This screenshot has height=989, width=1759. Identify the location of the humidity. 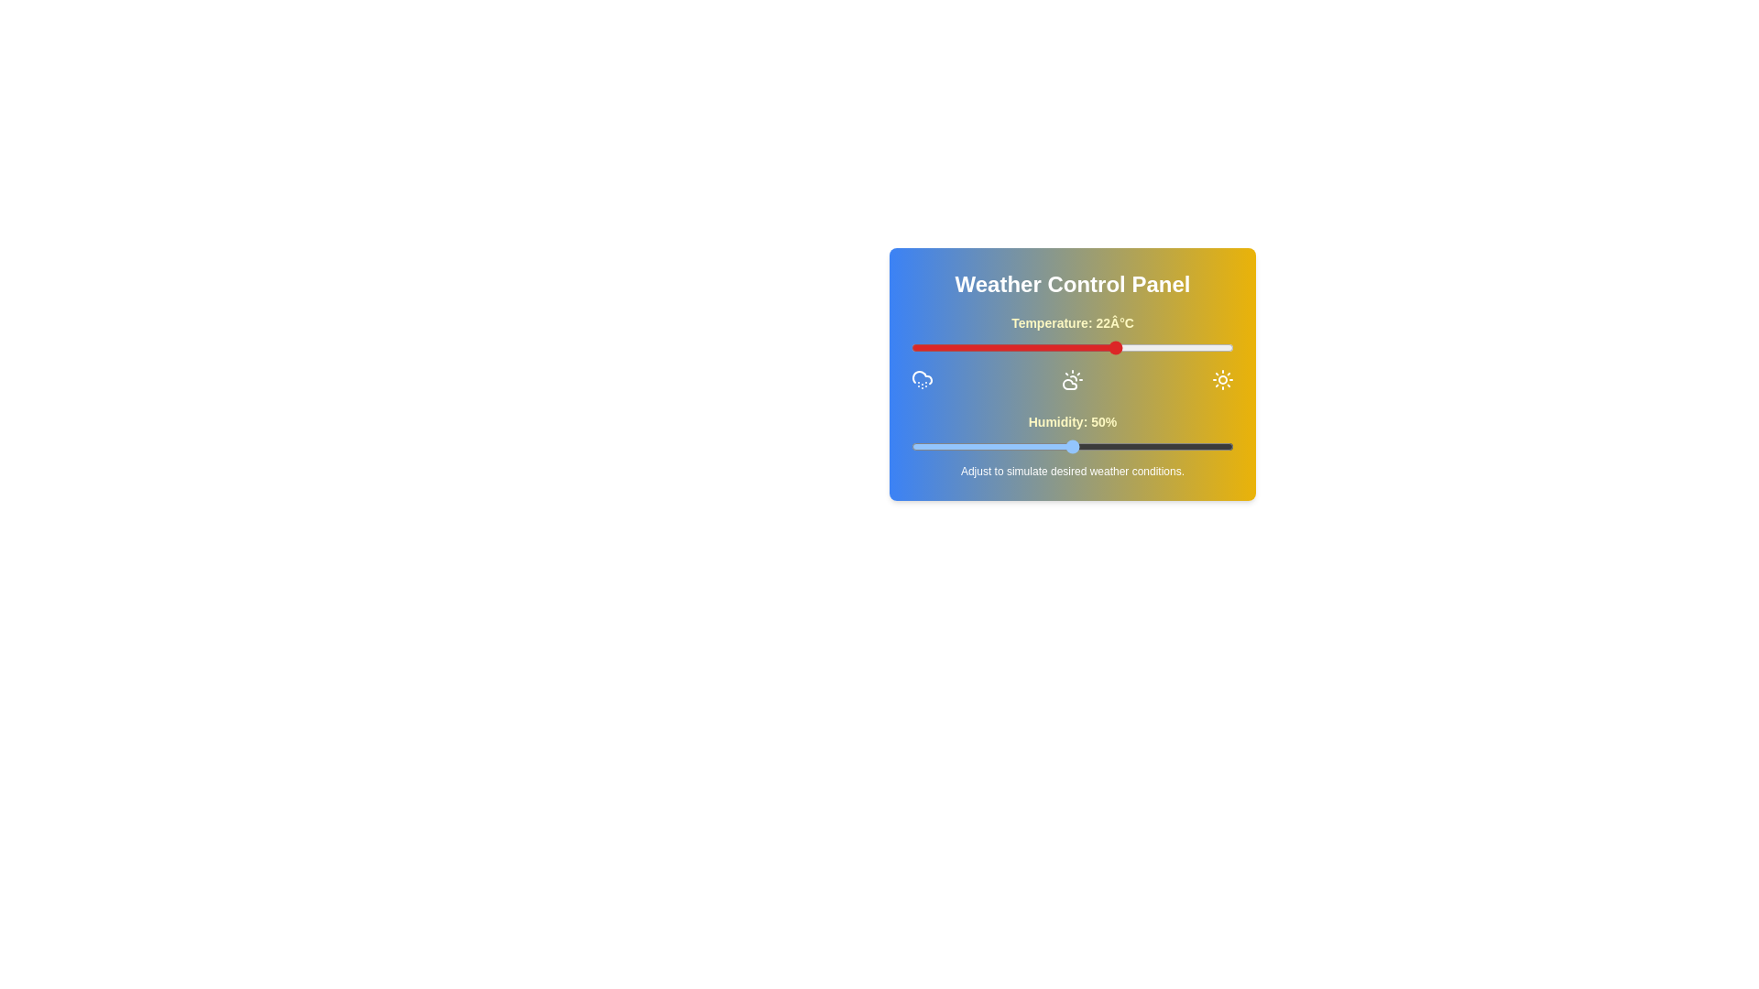
(1033, 447).